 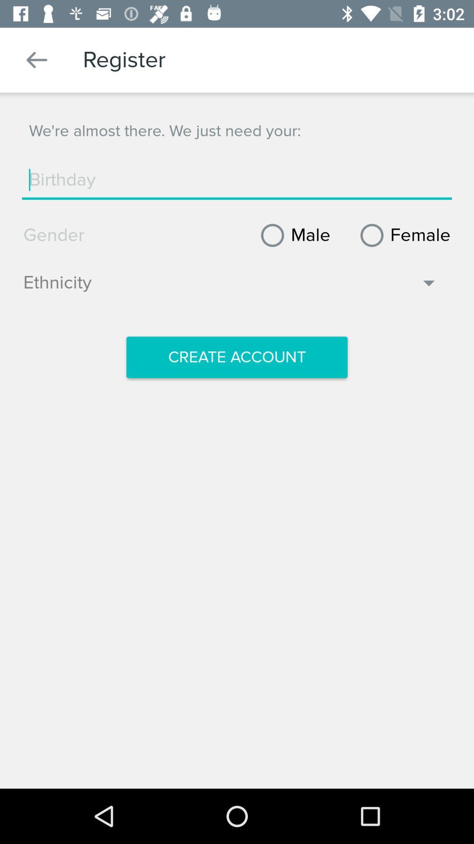 What do you see at coordinates (292, 235) in the screenshot?
I see `icon next to the female` at bounding box center [292, 235].